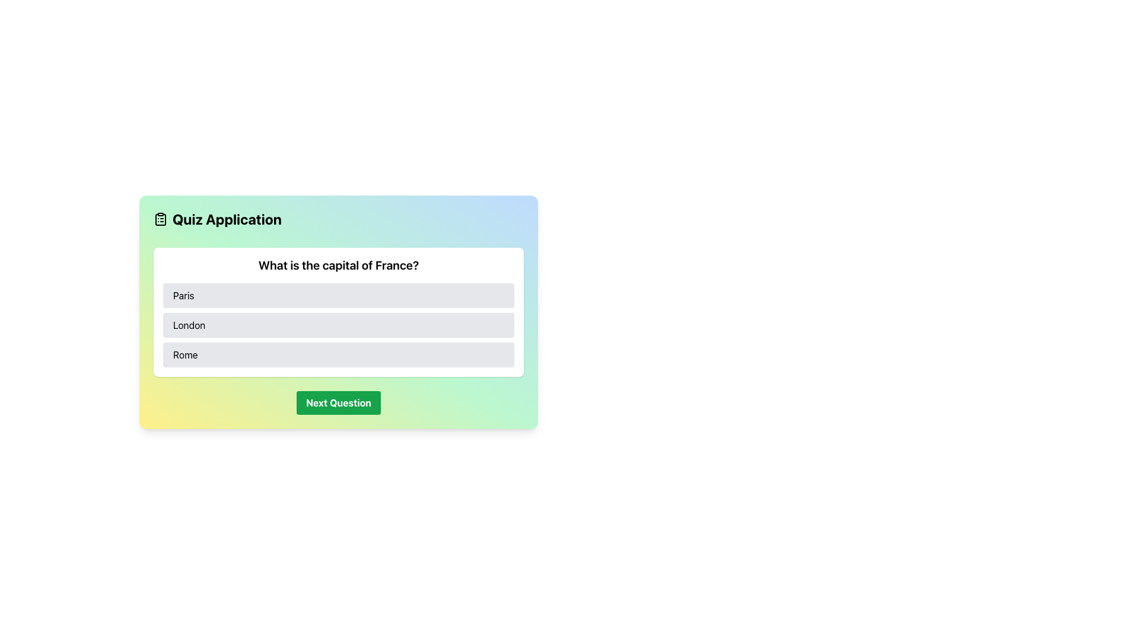  I want to click on the second option button that submits 'London' as an answer in the quiz interface to change its background color, so click(338, 325).